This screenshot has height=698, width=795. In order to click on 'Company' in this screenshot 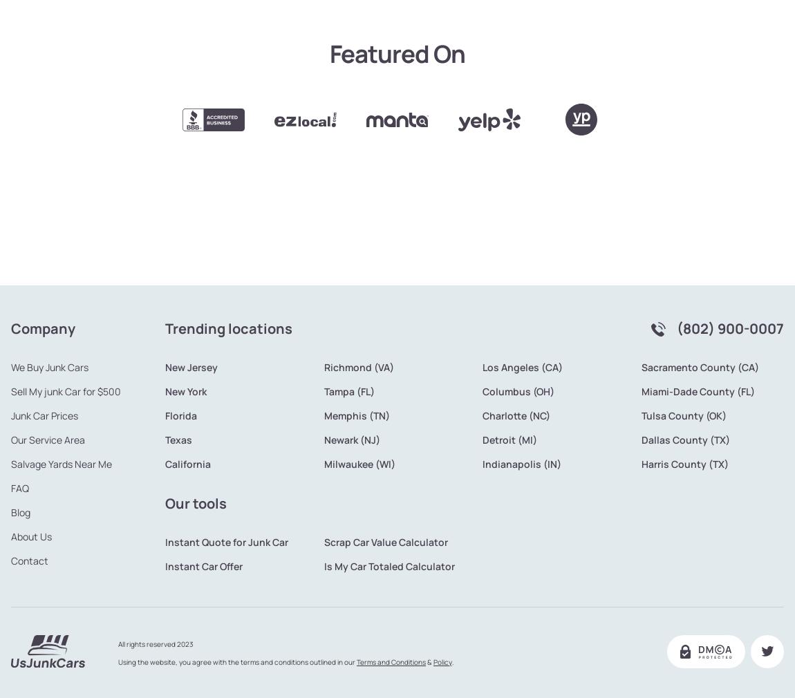, I will do `click(42, 282)`.